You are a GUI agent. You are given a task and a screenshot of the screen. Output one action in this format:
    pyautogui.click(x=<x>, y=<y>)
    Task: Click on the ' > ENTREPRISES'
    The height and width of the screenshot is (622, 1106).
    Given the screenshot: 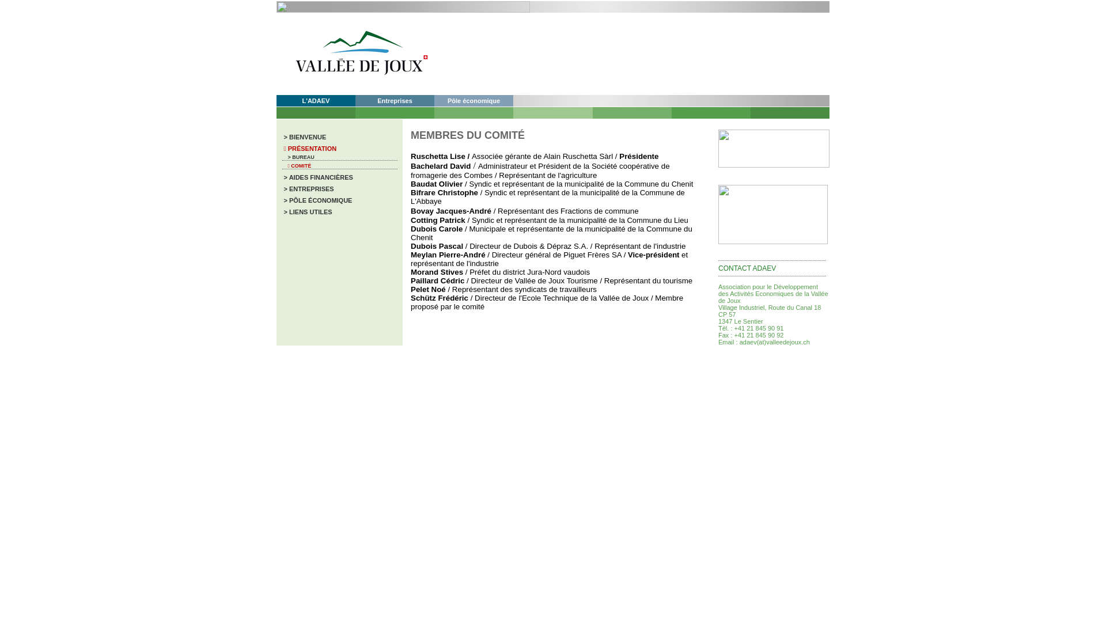 What is the action you would take?
    pyautogui.click(x=308, y=188)
    